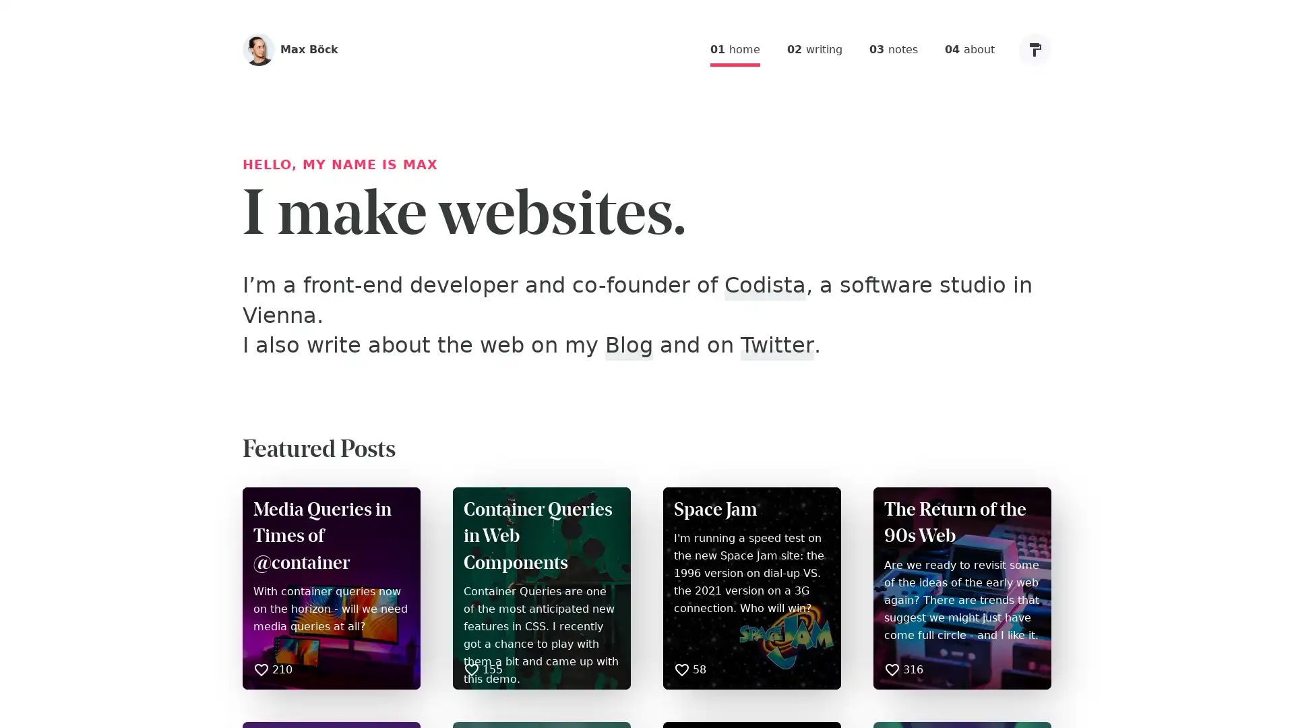 The width and height of the screenshot is (1294, 728). Describe the element at coordinates (1035, 49) in the screenshot. I see `toggle theme panel` at that location.